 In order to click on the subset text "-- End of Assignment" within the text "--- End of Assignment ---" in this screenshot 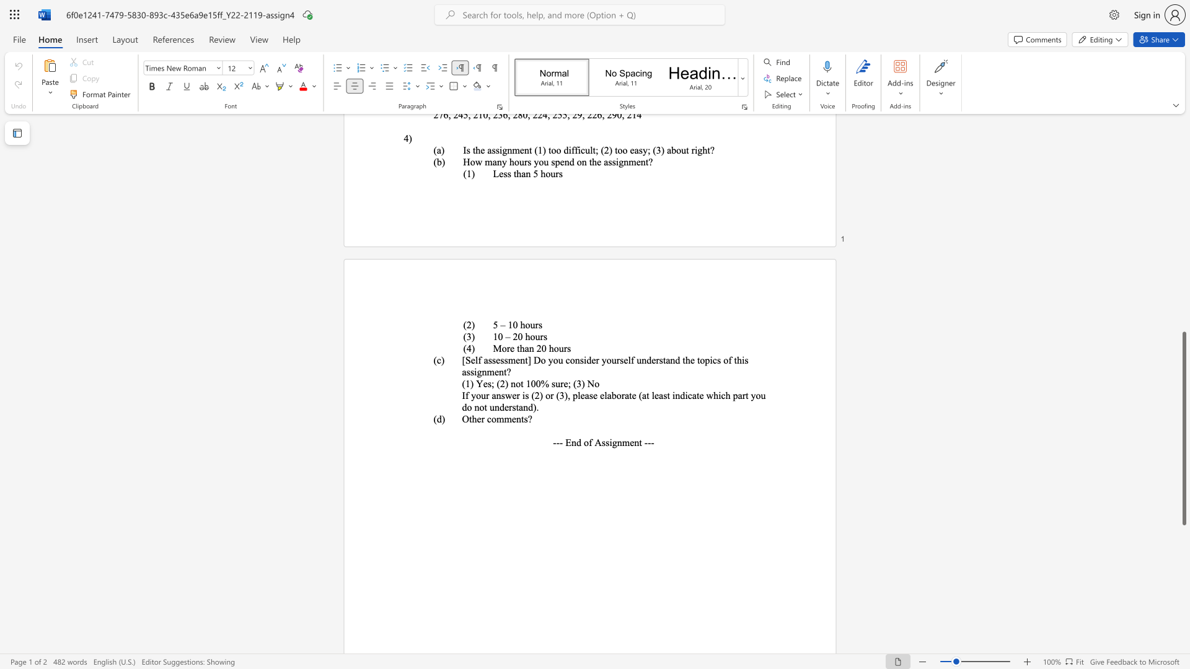, I will do `click(555, 442)`.